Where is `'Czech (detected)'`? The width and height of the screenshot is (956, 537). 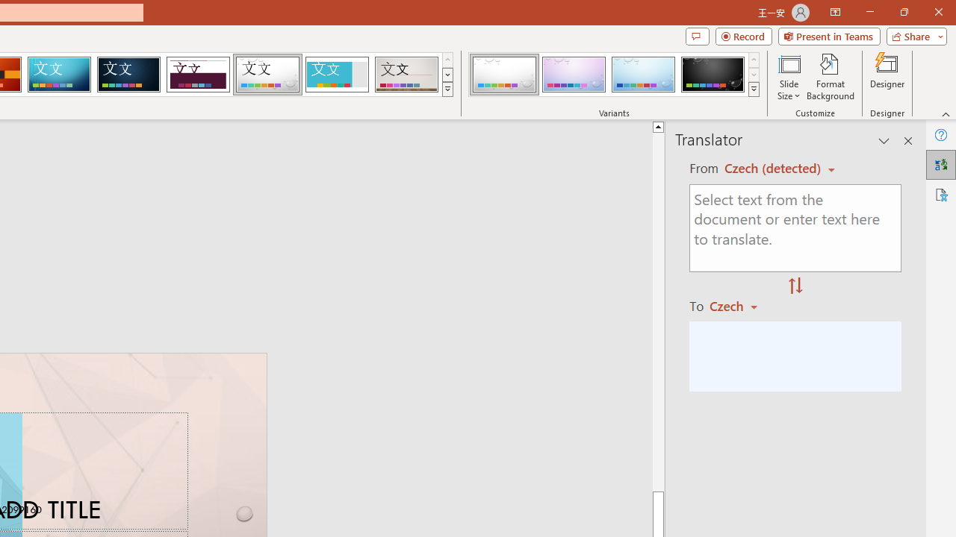 'Czech (detected)' is located at coordinates (775, 168).